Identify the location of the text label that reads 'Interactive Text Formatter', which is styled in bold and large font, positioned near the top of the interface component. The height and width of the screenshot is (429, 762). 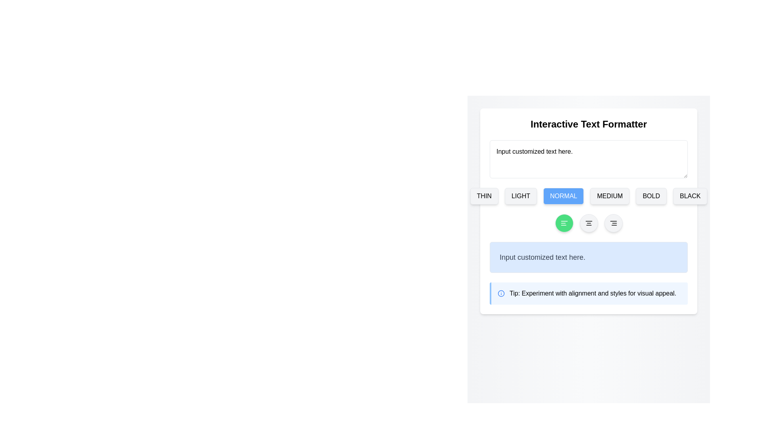
(589, 124).